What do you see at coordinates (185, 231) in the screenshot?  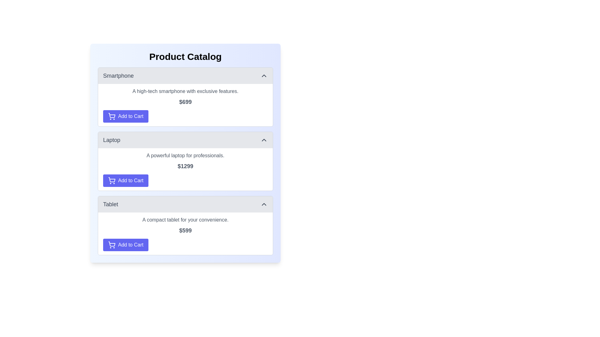 I see `the price tag displaying '$599', which is bold and large, positioned below the product description and above the 'Add to Cart' button` at bounding box center [185, 231].